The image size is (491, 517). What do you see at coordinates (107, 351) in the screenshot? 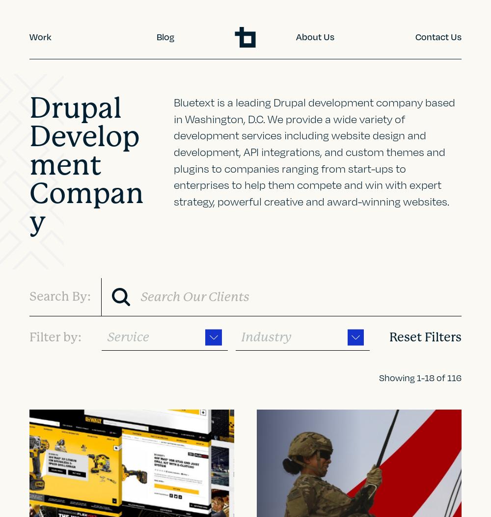
I see `'Check Out our Hall of Fame'` at bounding box center [107, 351].